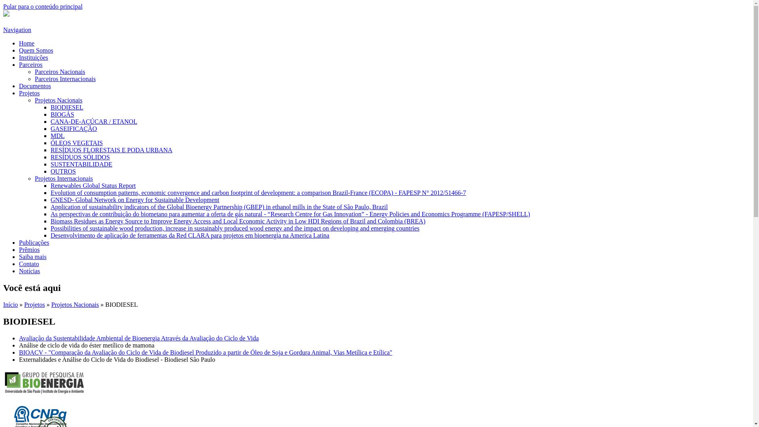  I want to click on 'Renewables Global Status Report', so click(50, 185).